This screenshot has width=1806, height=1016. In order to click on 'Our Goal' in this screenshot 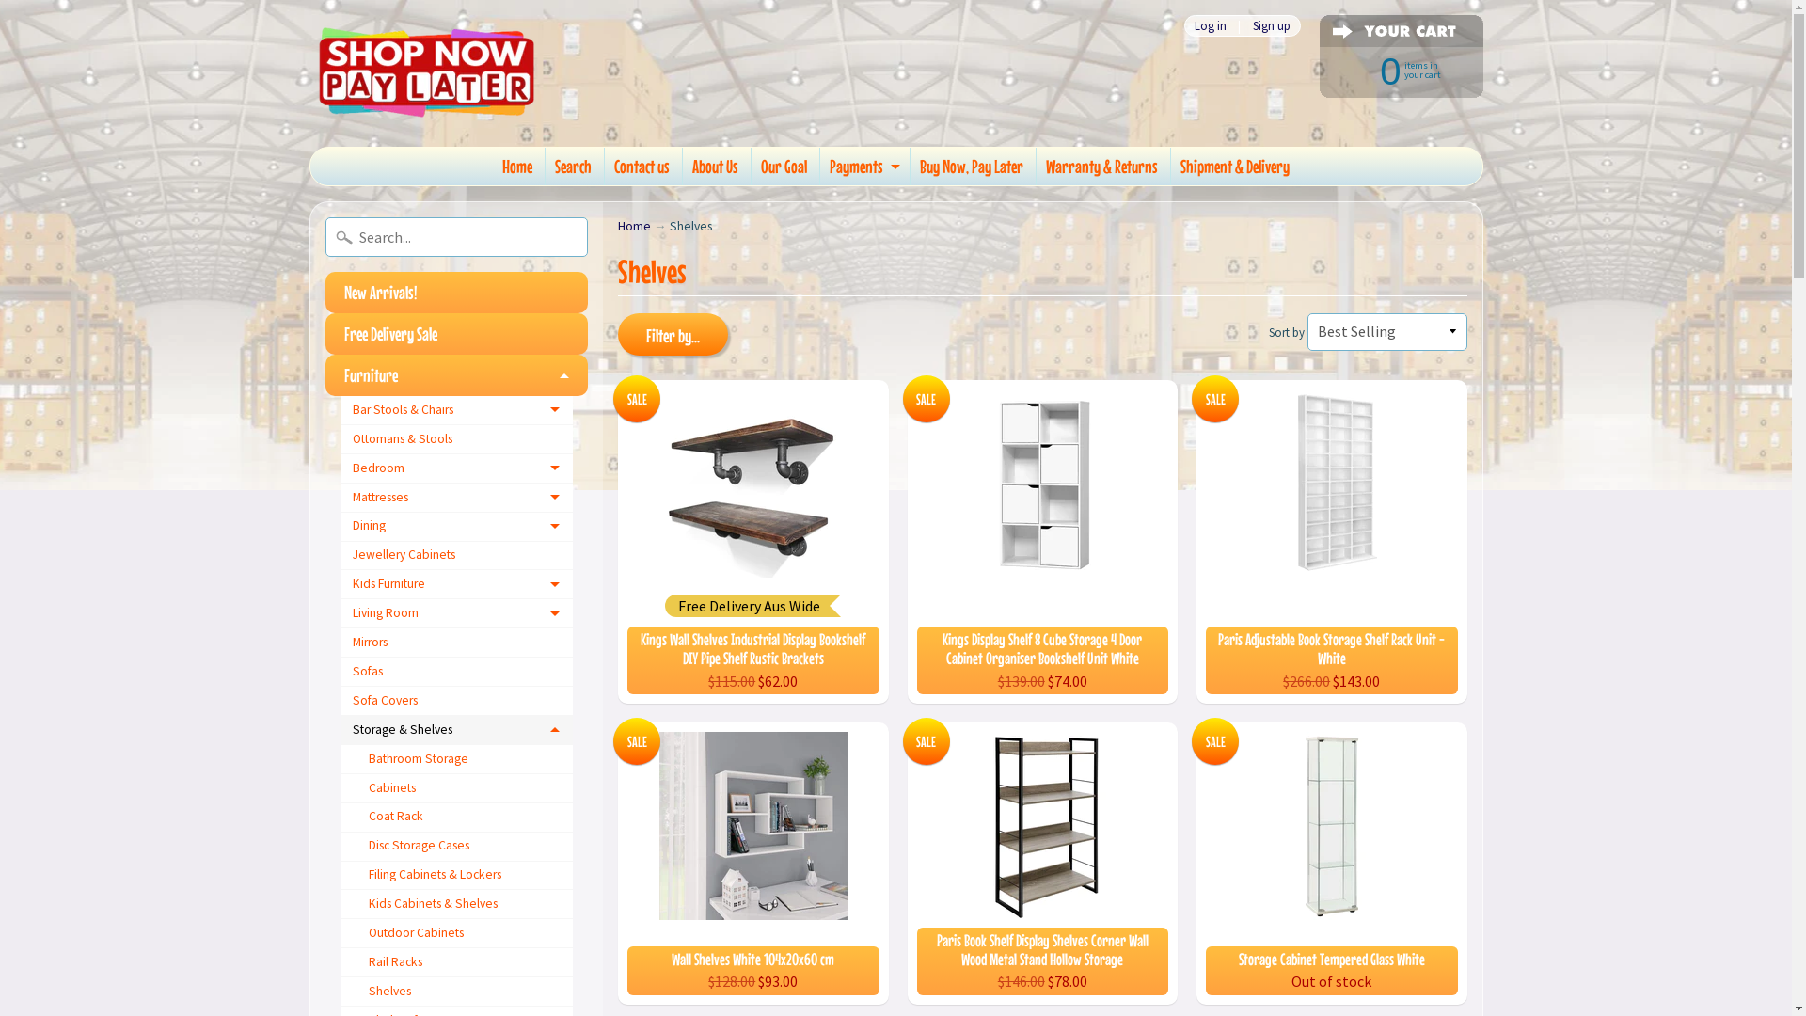, I will do `click(750, 166)`.